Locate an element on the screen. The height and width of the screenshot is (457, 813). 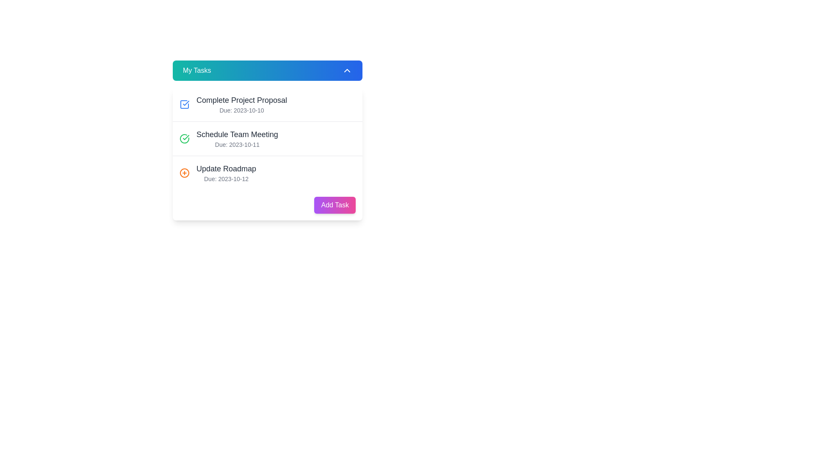
text from the Text Label that identifies the task 'Complete Project Proposal', positioned as the first task entry's title is located at coordinates (241, 99).